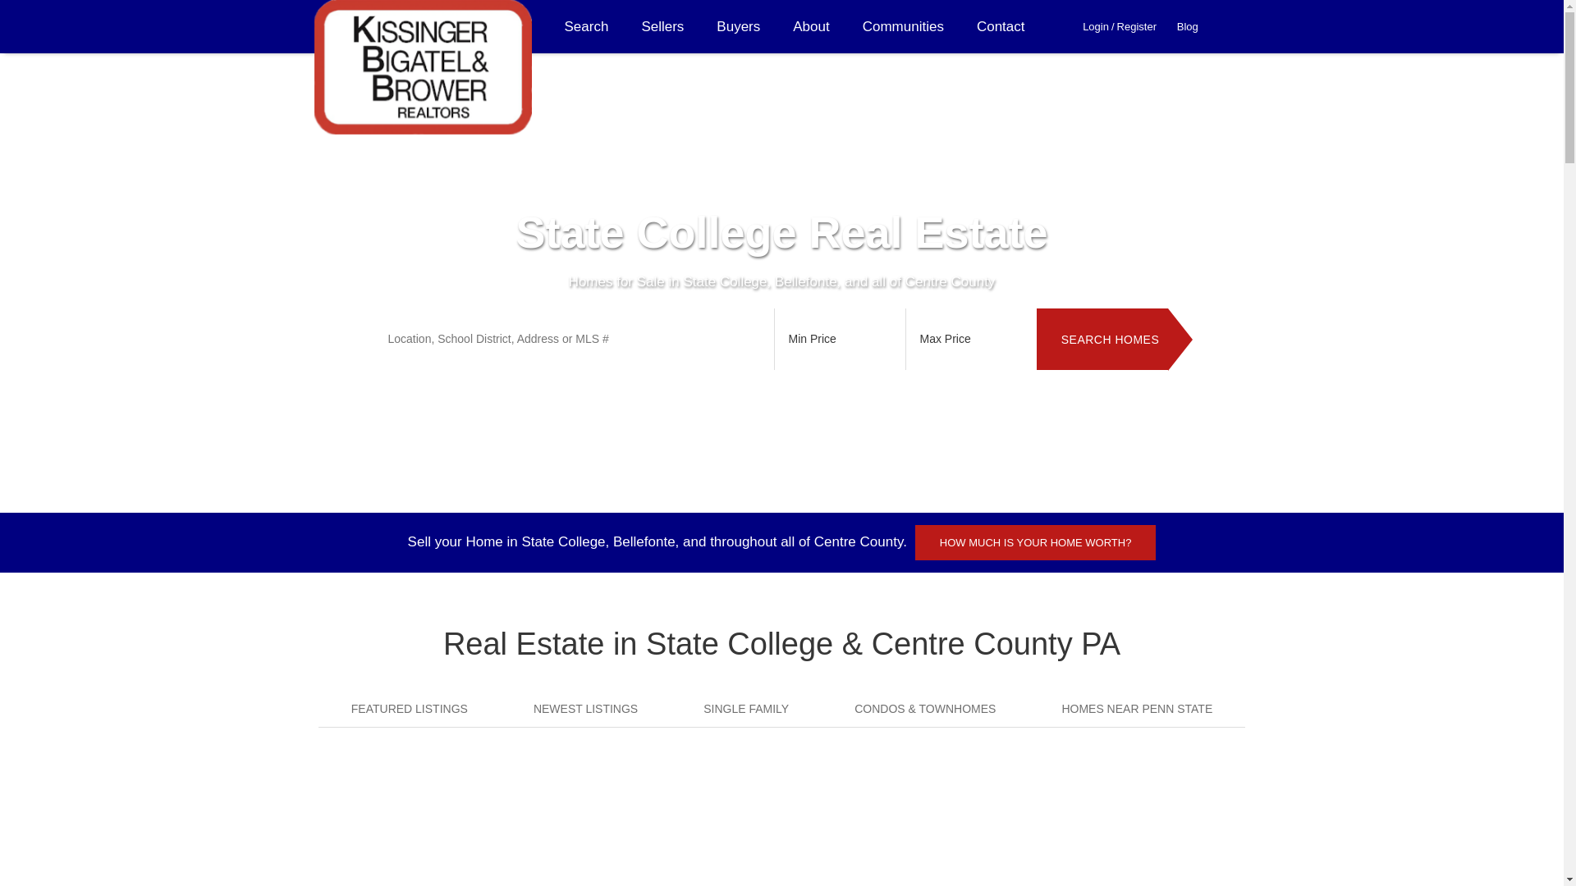 This screenshot has width=1576, height=886. Describe the element at coordinates (1035, 542) in the screenshot. I see `'HOW MUCH IS YOUR HOME WORTH?'` at that location.